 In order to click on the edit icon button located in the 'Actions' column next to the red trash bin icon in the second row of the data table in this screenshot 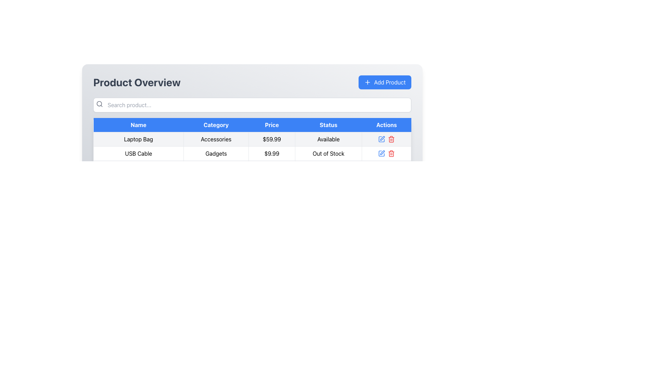, I will do `click(382, 152)`.